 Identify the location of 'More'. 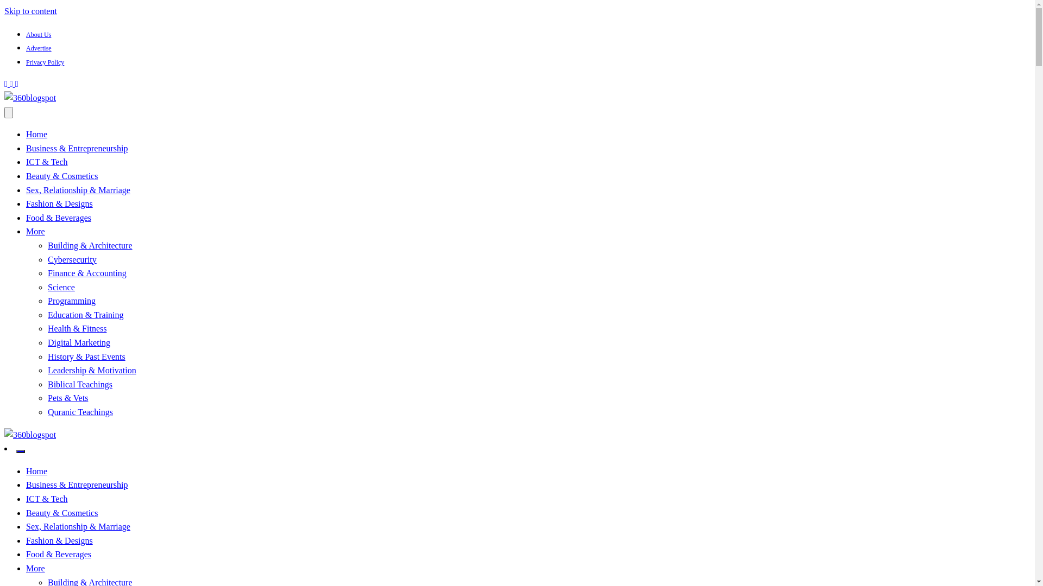
(26, 568).